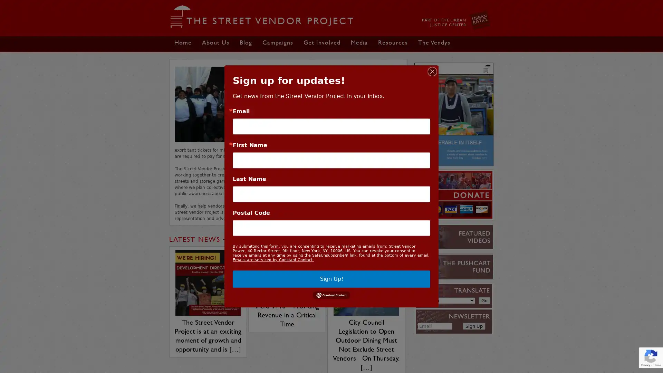  Describe the element at coordinates (473, 326) in the screenshot. I see `Sign Up` at that location.